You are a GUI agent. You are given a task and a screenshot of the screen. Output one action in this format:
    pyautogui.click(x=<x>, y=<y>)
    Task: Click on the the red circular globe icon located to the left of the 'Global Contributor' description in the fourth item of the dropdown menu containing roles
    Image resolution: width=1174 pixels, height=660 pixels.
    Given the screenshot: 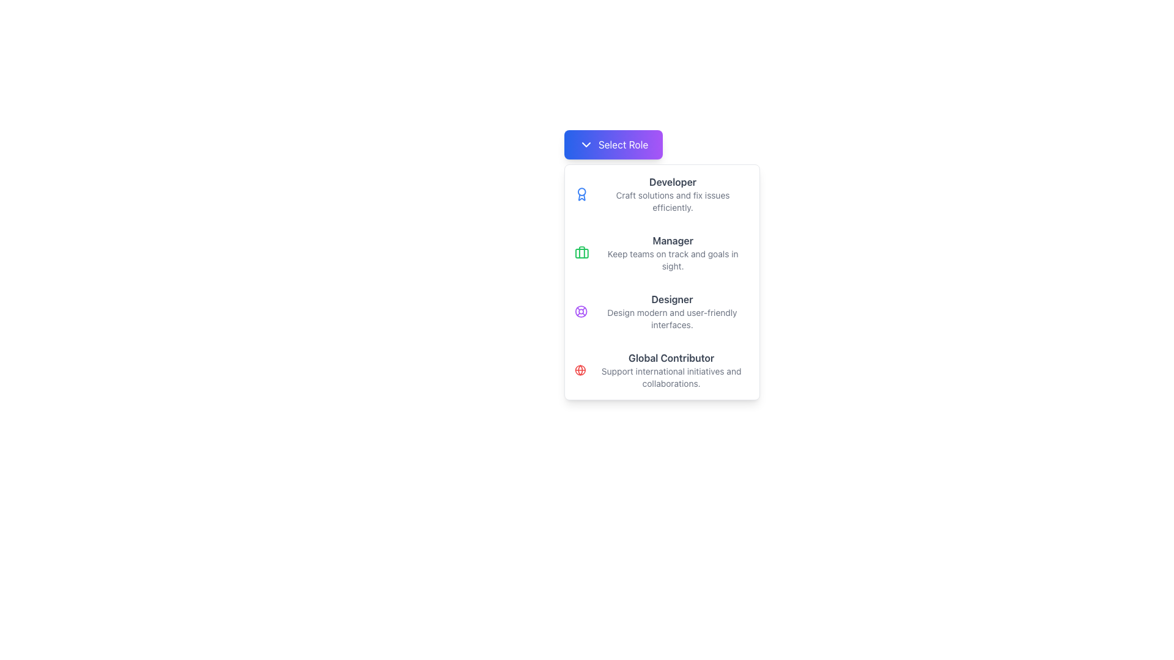 What is the action you would take?
    pyautogui.click(x=580, y=369)
    